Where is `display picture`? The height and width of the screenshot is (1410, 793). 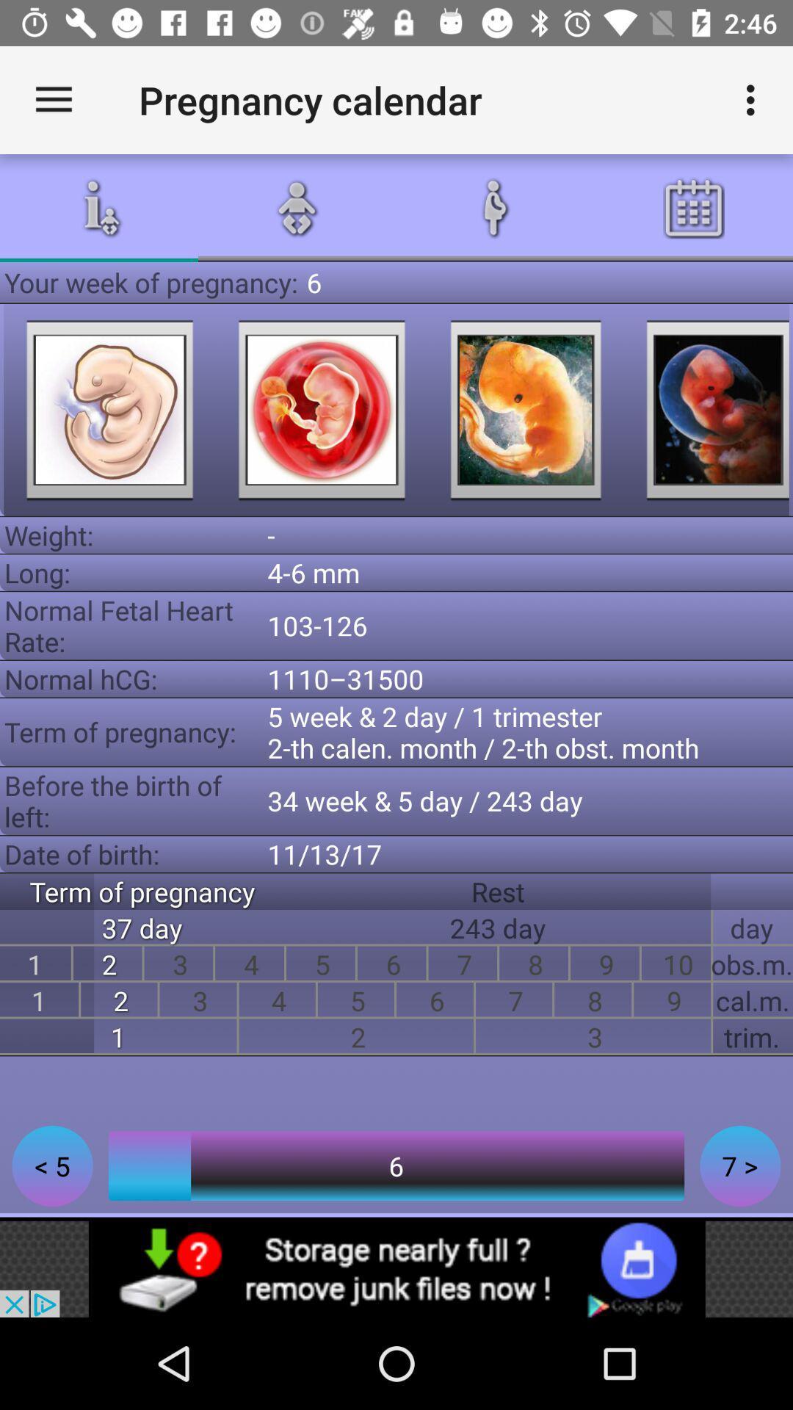
display picture is located at coordinates (525, 410).